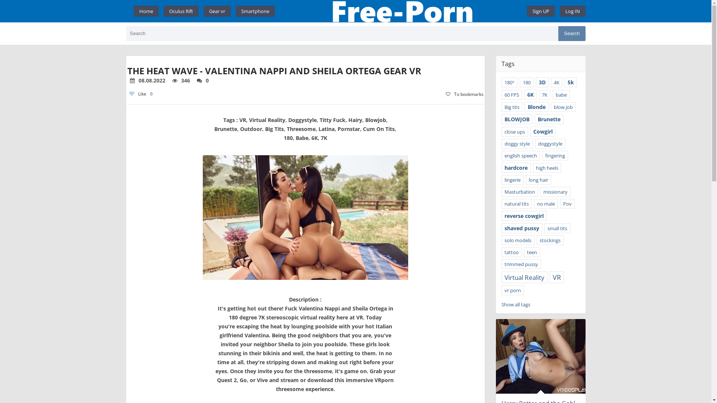  I want to click on 'Pov', so click(567, 204).